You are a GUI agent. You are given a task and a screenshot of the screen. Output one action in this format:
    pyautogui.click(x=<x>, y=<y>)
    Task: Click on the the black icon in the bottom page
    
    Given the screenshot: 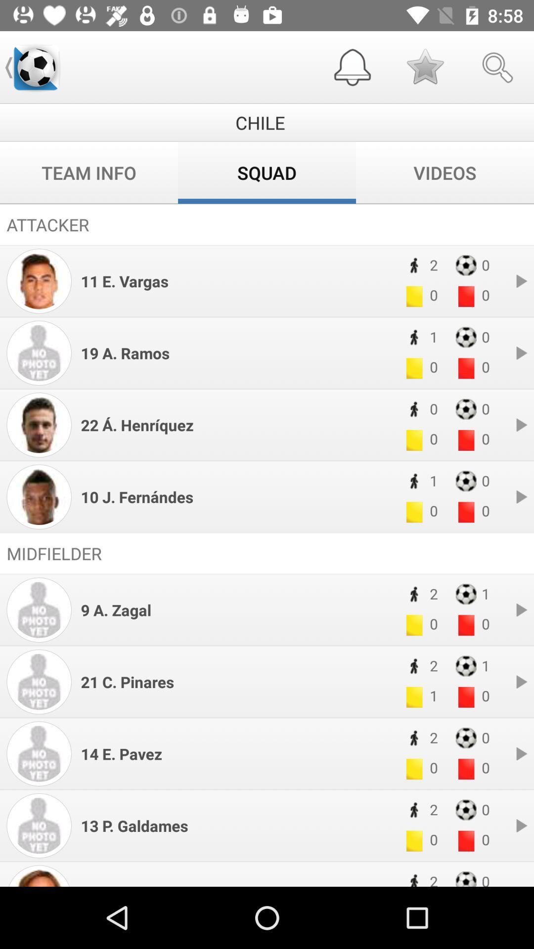 What is the action you would take?
    pyautogui.click(x=414, y=879)
    